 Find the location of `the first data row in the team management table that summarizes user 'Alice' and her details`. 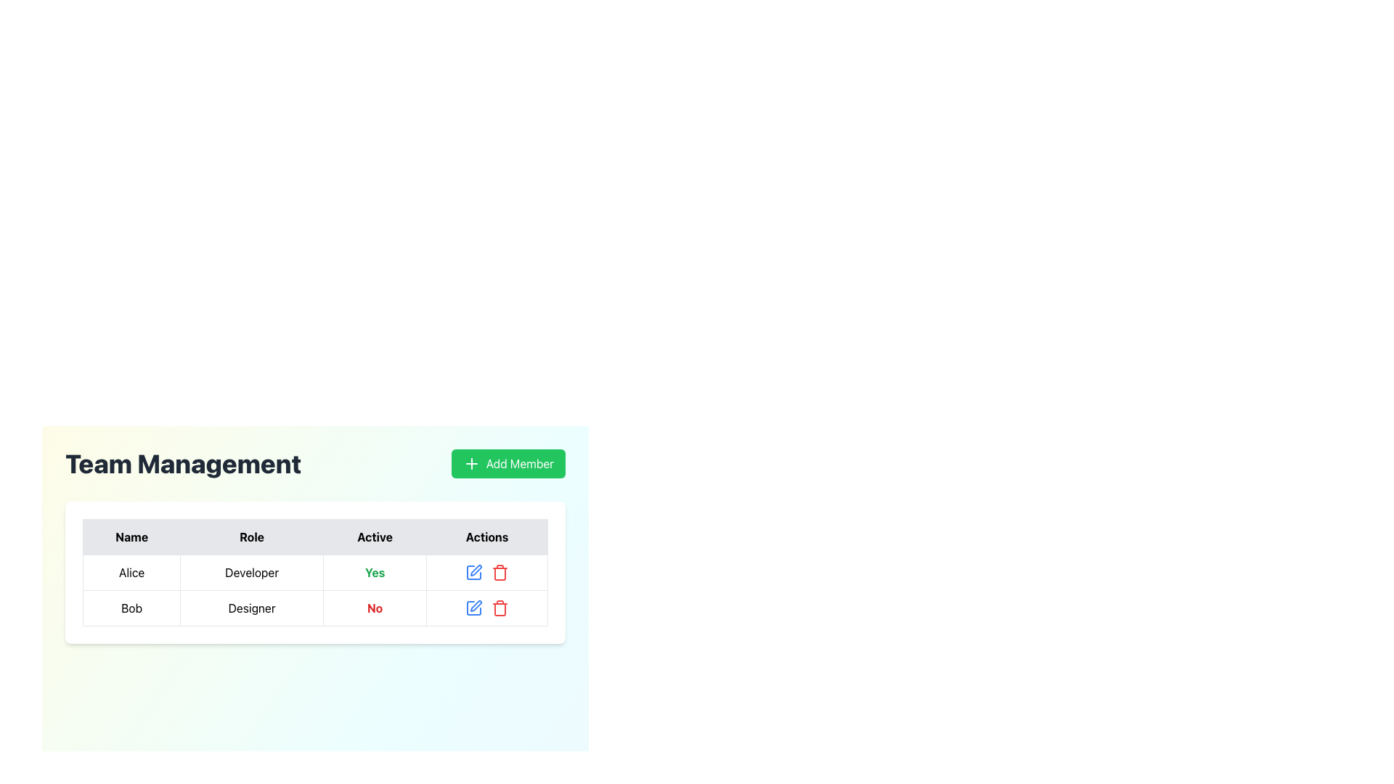

the first data row in the team management table that summarizes user 'Alice' and her details is located at coordinates (314, 590).